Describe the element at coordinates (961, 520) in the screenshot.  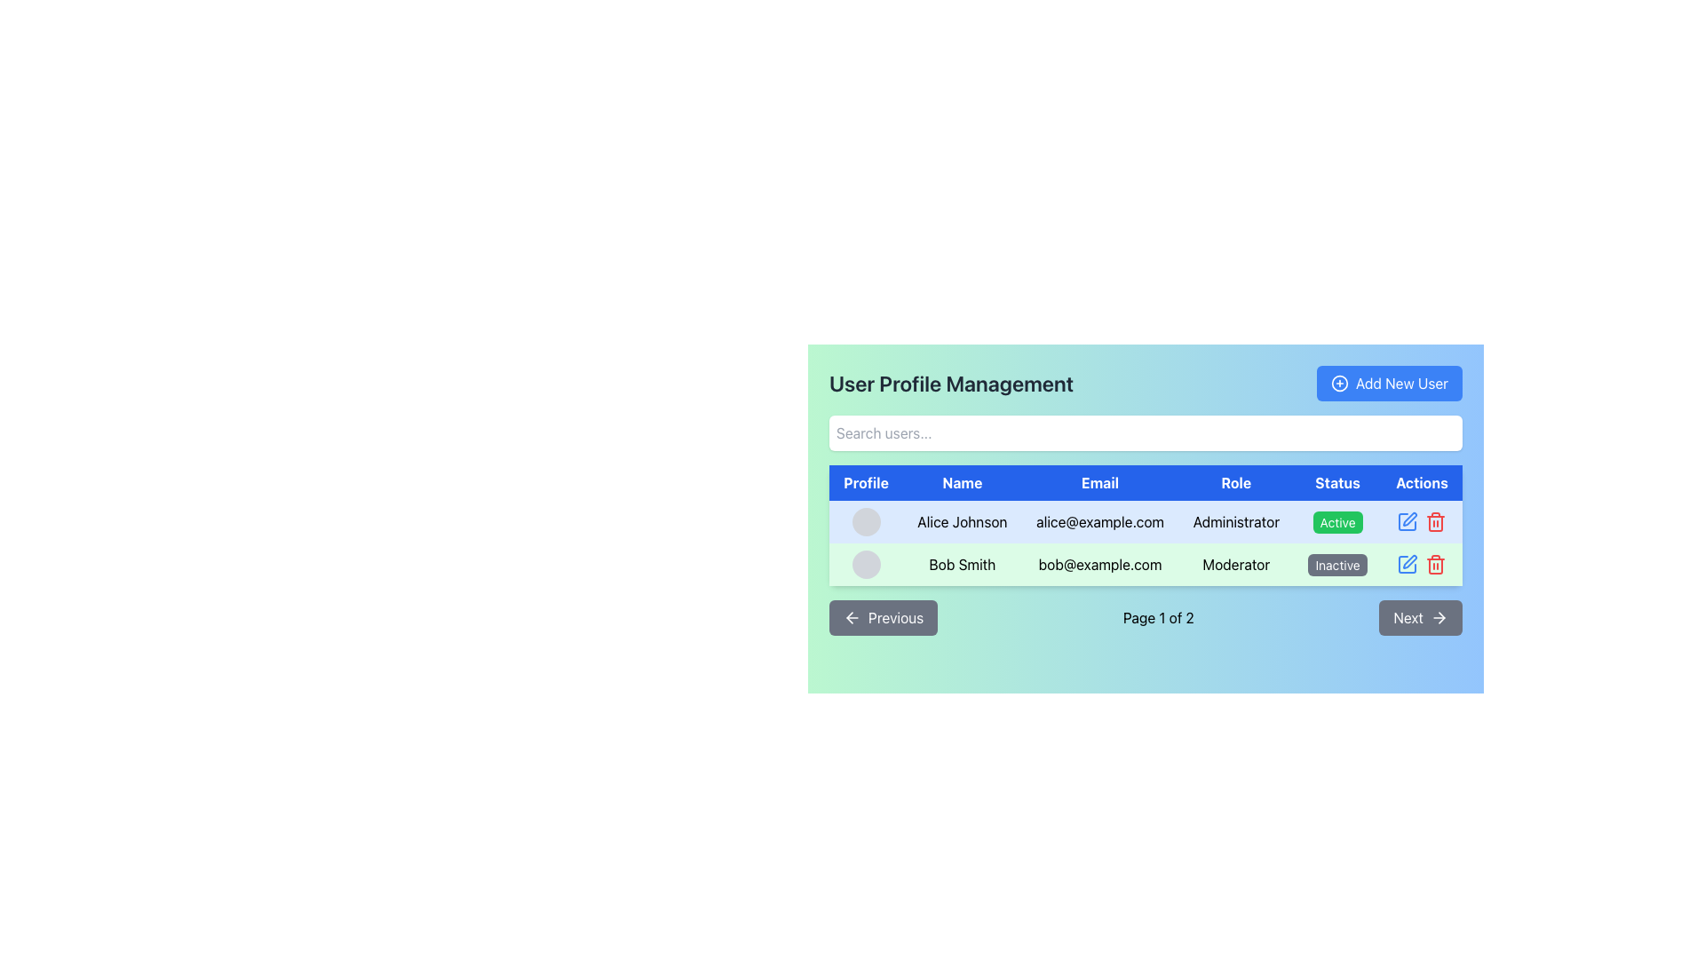
I see `the user's name label in the table under the 'Name' header, which is adjacent to 'alice@example.com'` at that location.